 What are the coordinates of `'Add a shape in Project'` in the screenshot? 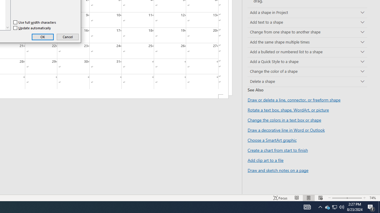 It's located at (307, 13).